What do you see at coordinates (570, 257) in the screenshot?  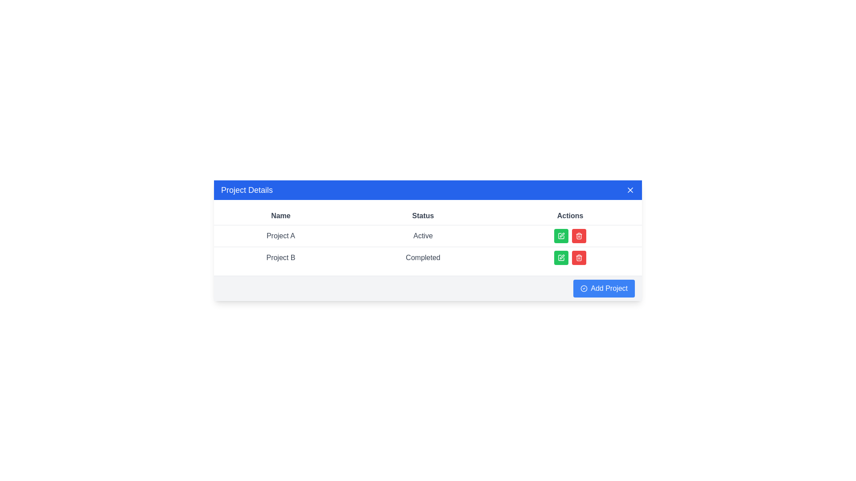 I see `the Action Button Group containing the green edit button and the red delete button located in the bottom row of the table under the 'Actions' column for 'Project B' to get visual feedback` at bounding box center [570, 257].